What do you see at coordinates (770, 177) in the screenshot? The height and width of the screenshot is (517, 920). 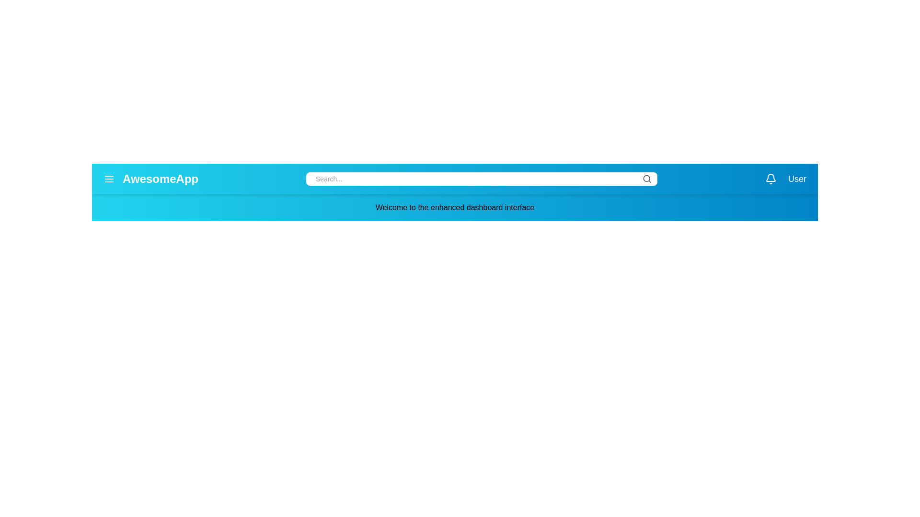 I see `the bell icon on the far right of the top header bar` at bounding box center [770, 177].